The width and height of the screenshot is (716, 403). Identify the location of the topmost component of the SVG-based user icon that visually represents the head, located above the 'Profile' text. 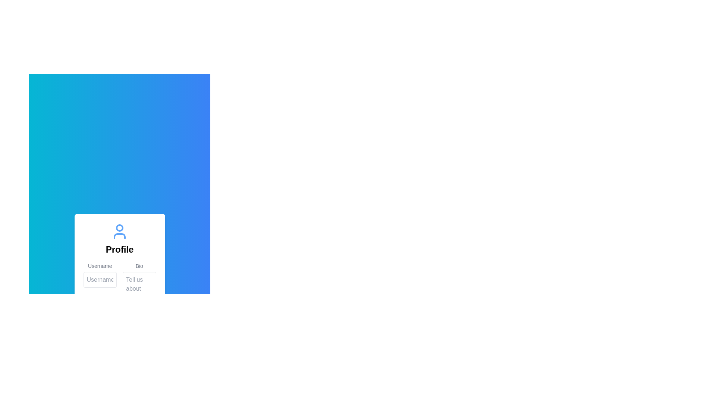
(120, 227).